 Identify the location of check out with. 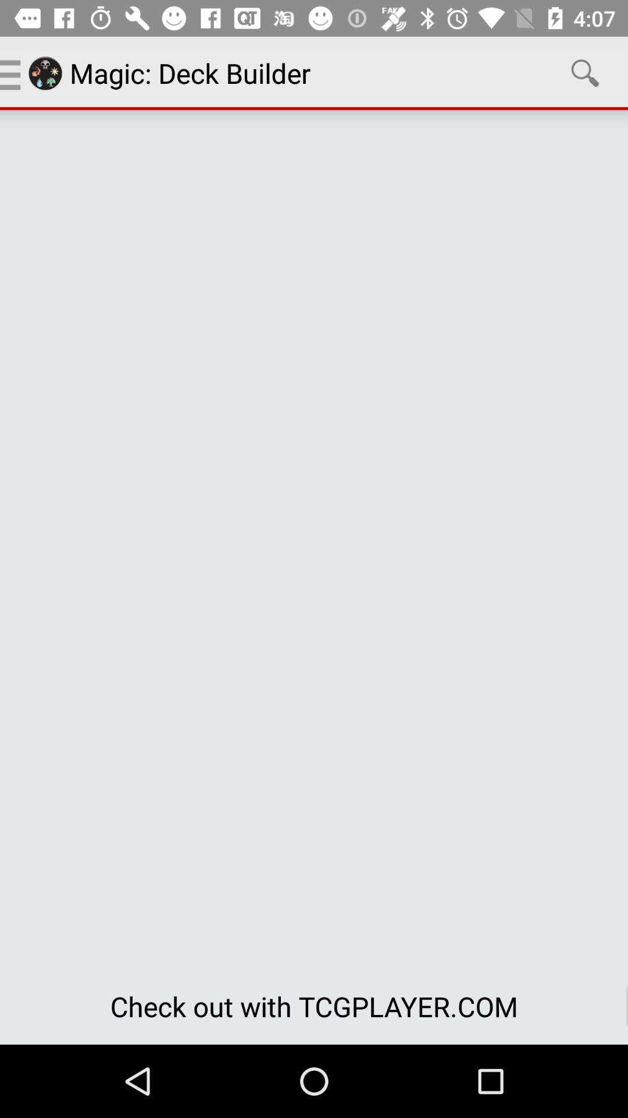
(314, 1006).